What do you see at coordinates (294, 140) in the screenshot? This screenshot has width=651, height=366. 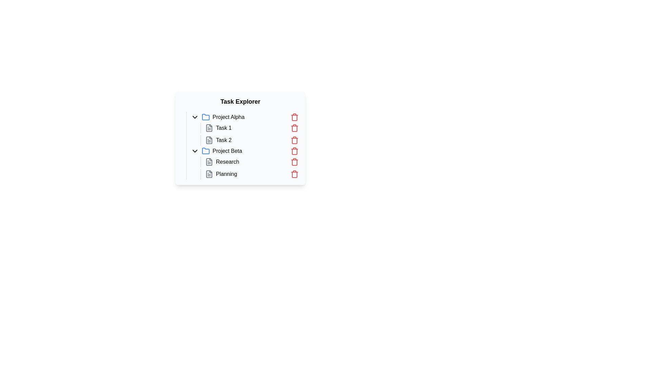 I see `the red trash can icon button indicating delete functionality for keyboard interactions` at bounding box center [294, 140].